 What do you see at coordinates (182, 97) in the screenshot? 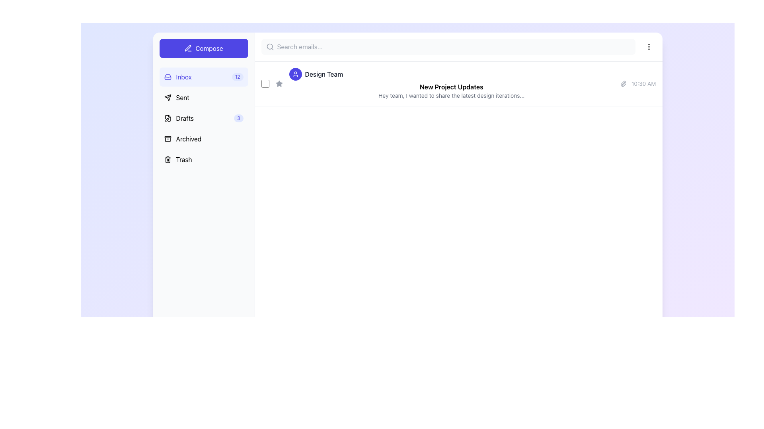
I see `to select the 'Sent' folder, which is a text label in black color displaying the word 'Sent', located in the second position on the left sidebar of the interface, following the 'Inbox' option` at bounding box center [182, 97].